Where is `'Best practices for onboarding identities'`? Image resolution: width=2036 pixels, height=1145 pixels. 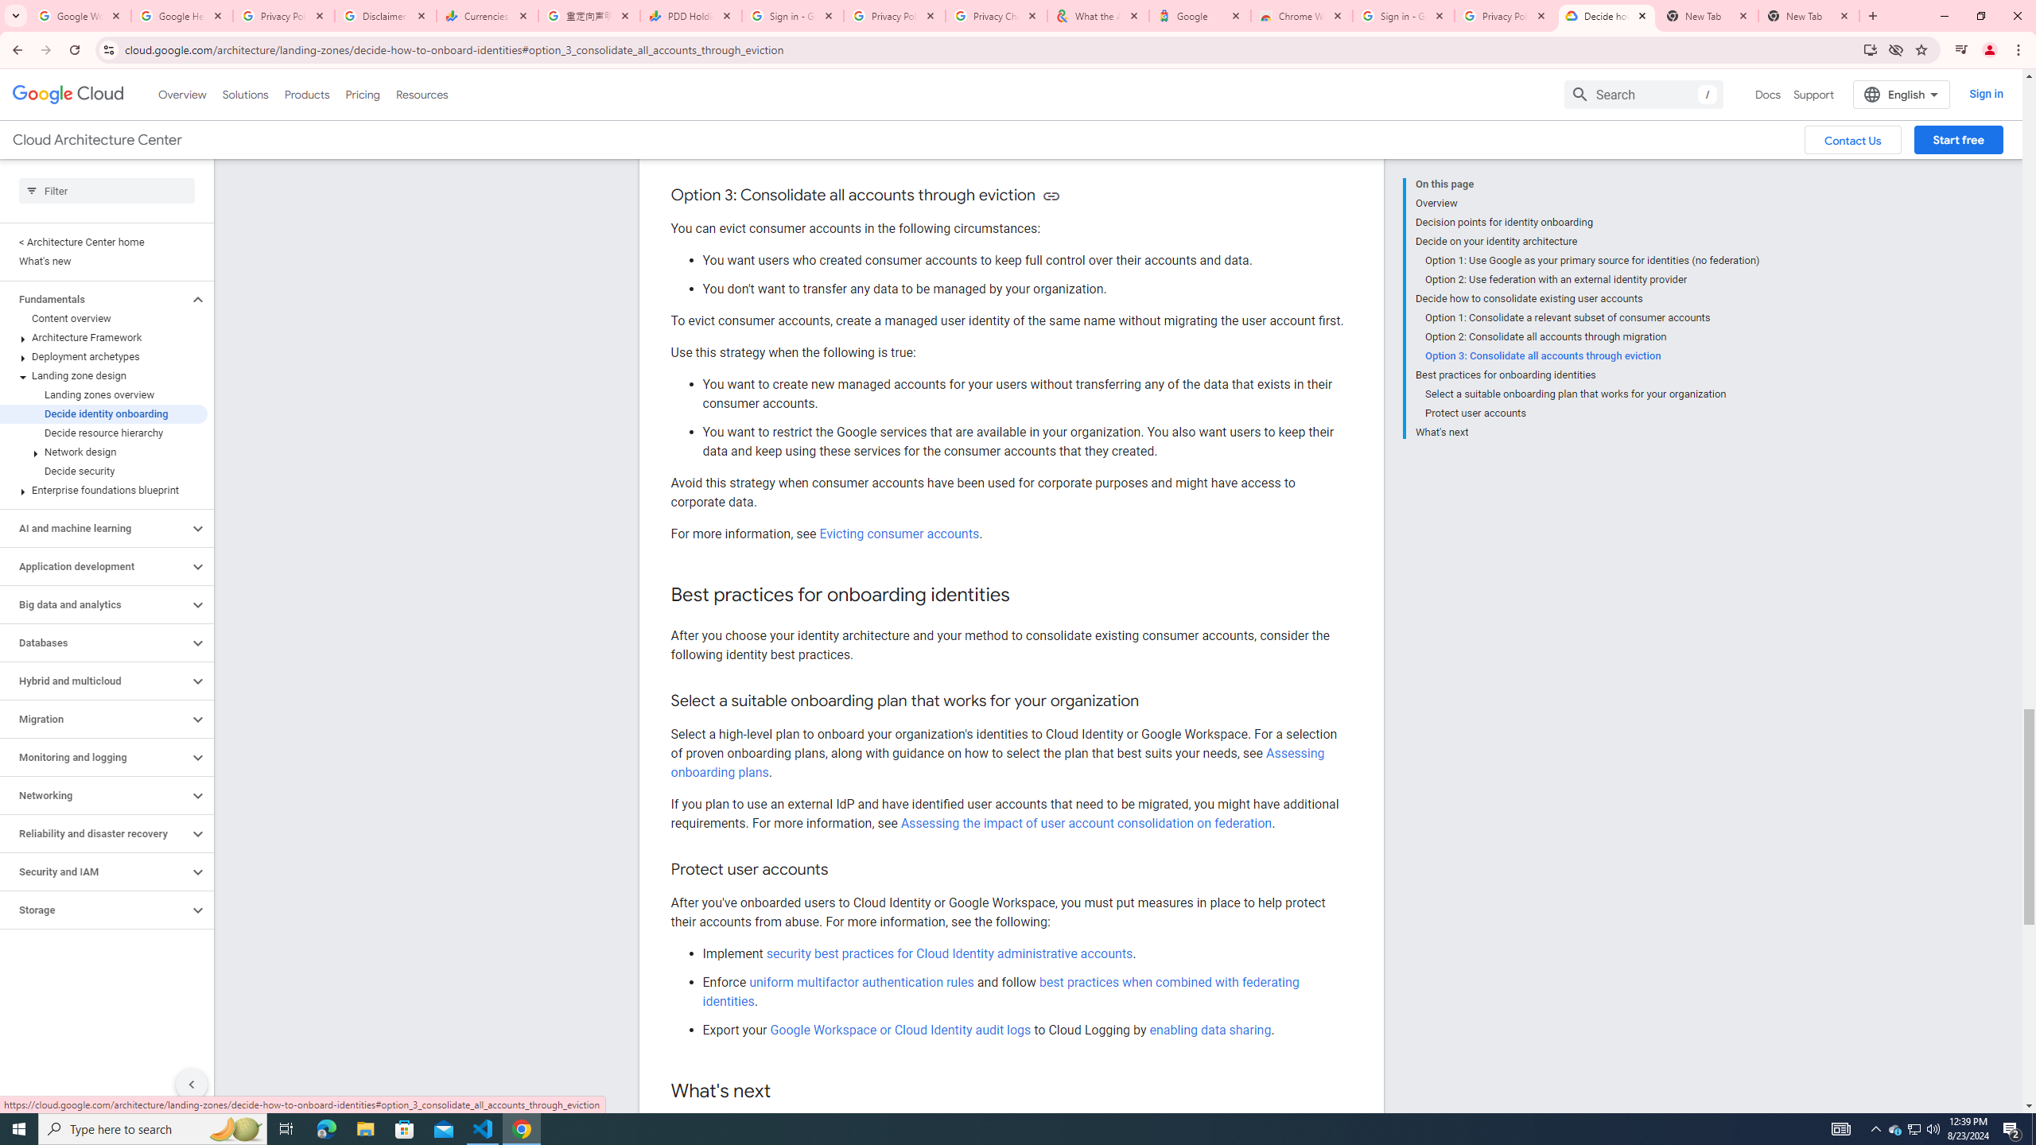
'Best practices for onboarding identities' is located at coordinates (1586, 375).